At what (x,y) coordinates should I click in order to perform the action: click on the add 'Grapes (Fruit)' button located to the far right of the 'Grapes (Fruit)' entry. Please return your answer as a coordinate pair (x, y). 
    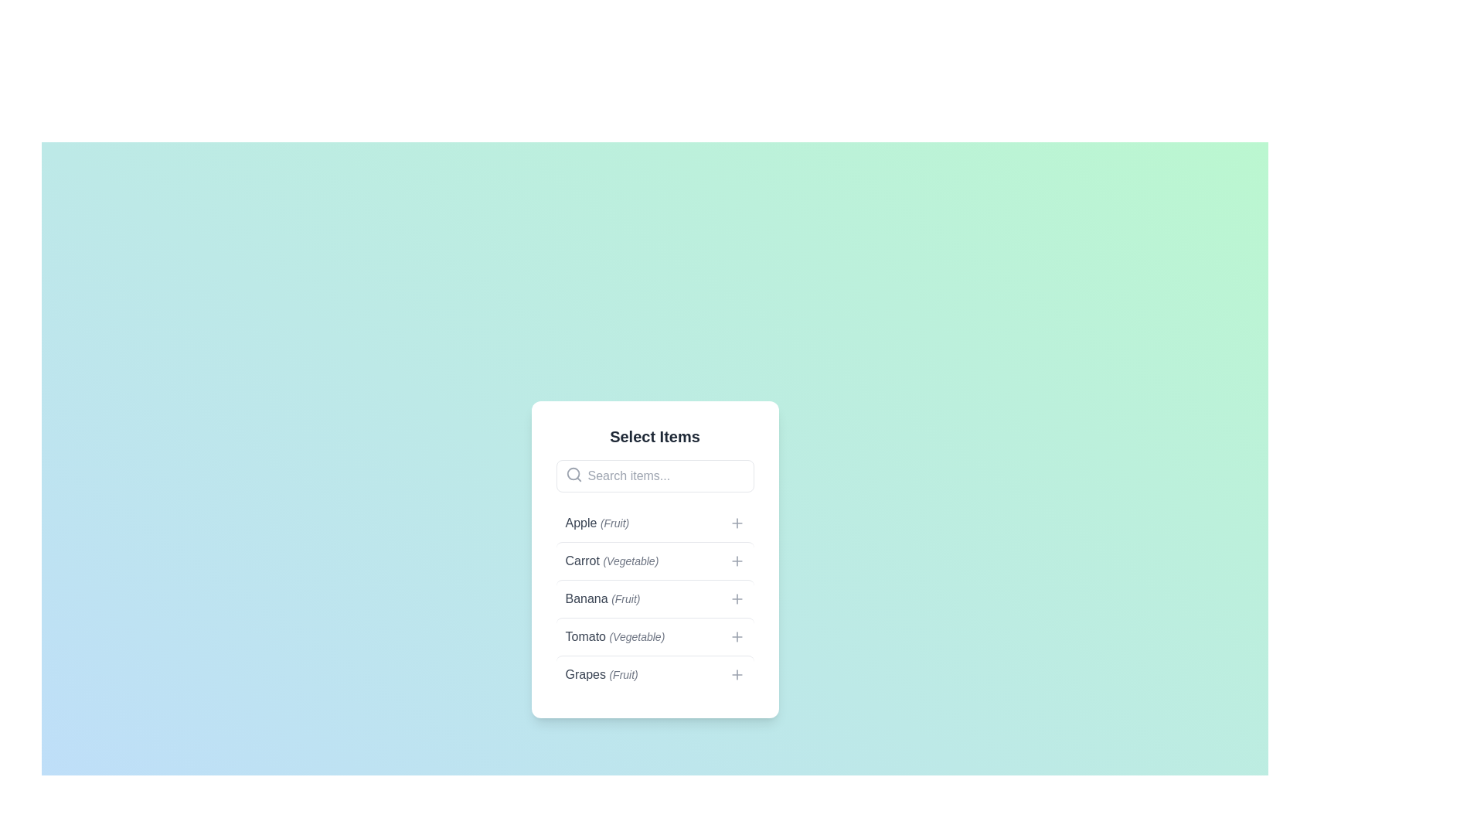
    Looking at the image, I should click on (736, 673).